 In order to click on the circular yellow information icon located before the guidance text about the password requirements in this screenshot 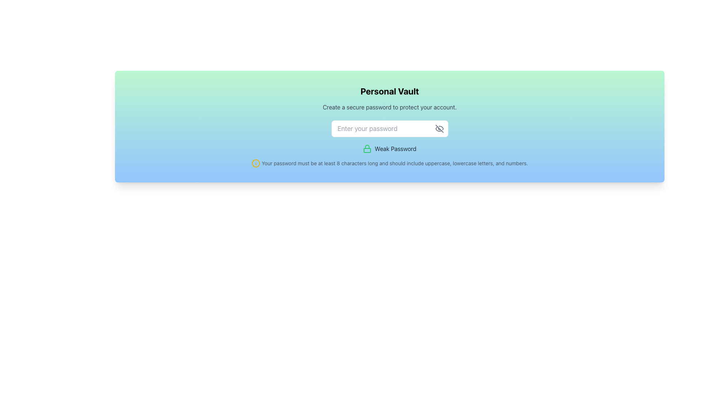, I will do `click(256, 163)`.